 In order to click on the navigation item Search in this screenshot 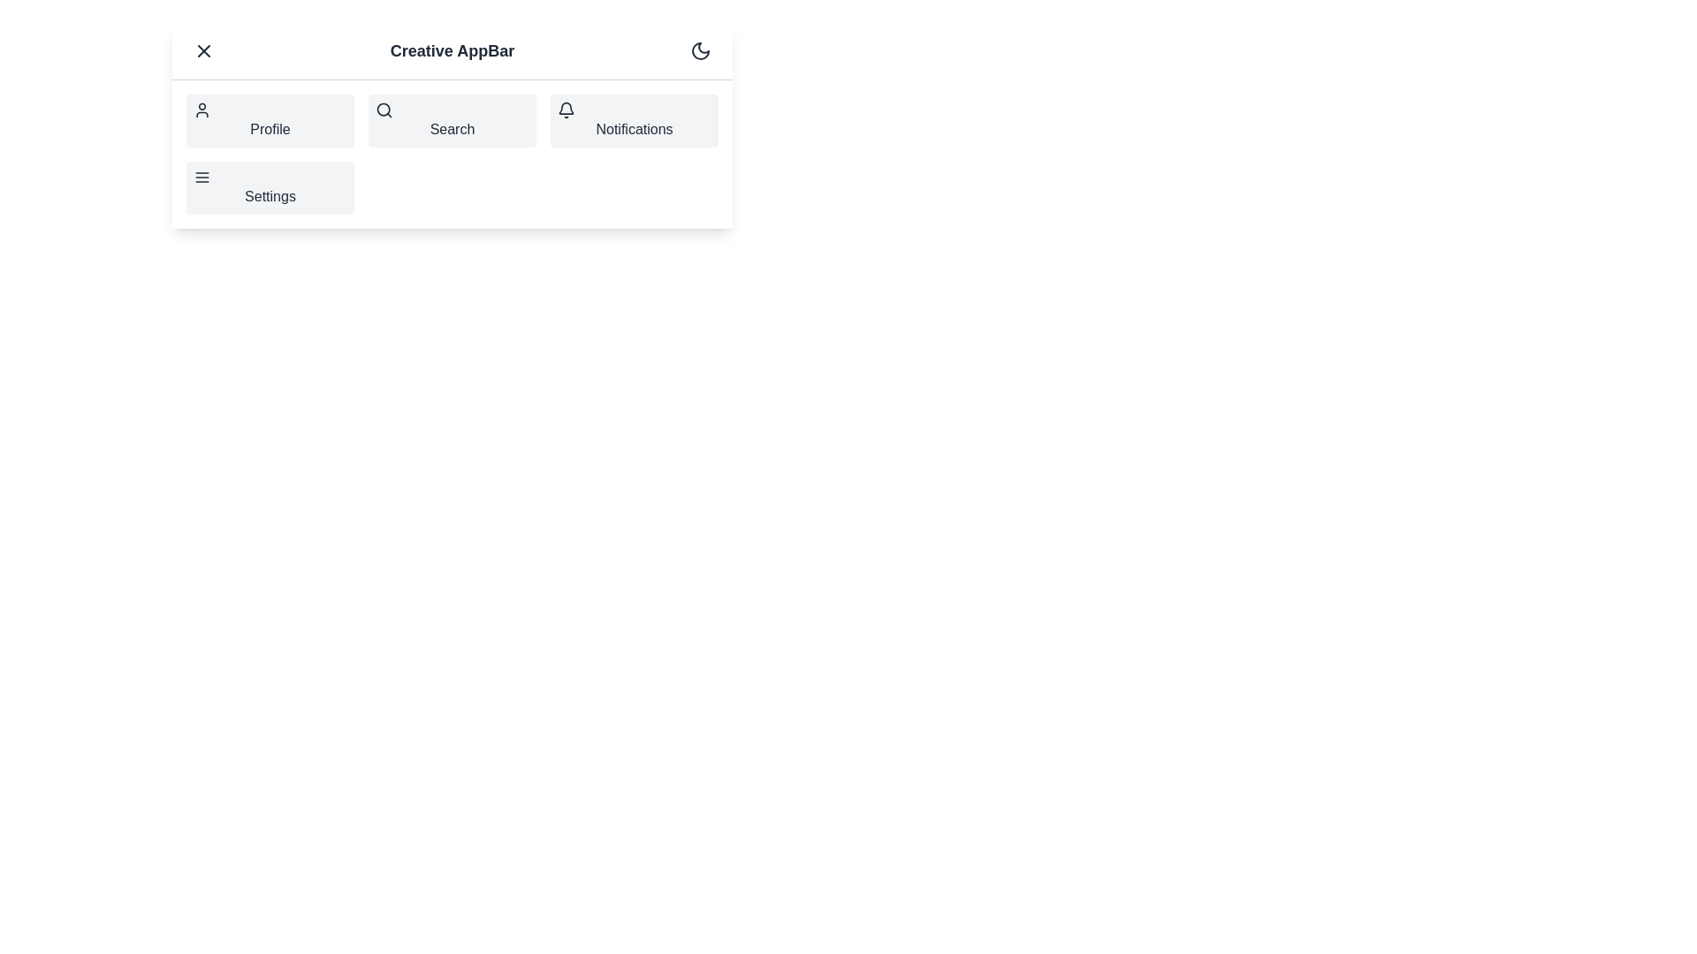, I will do `click(453, 120)`.